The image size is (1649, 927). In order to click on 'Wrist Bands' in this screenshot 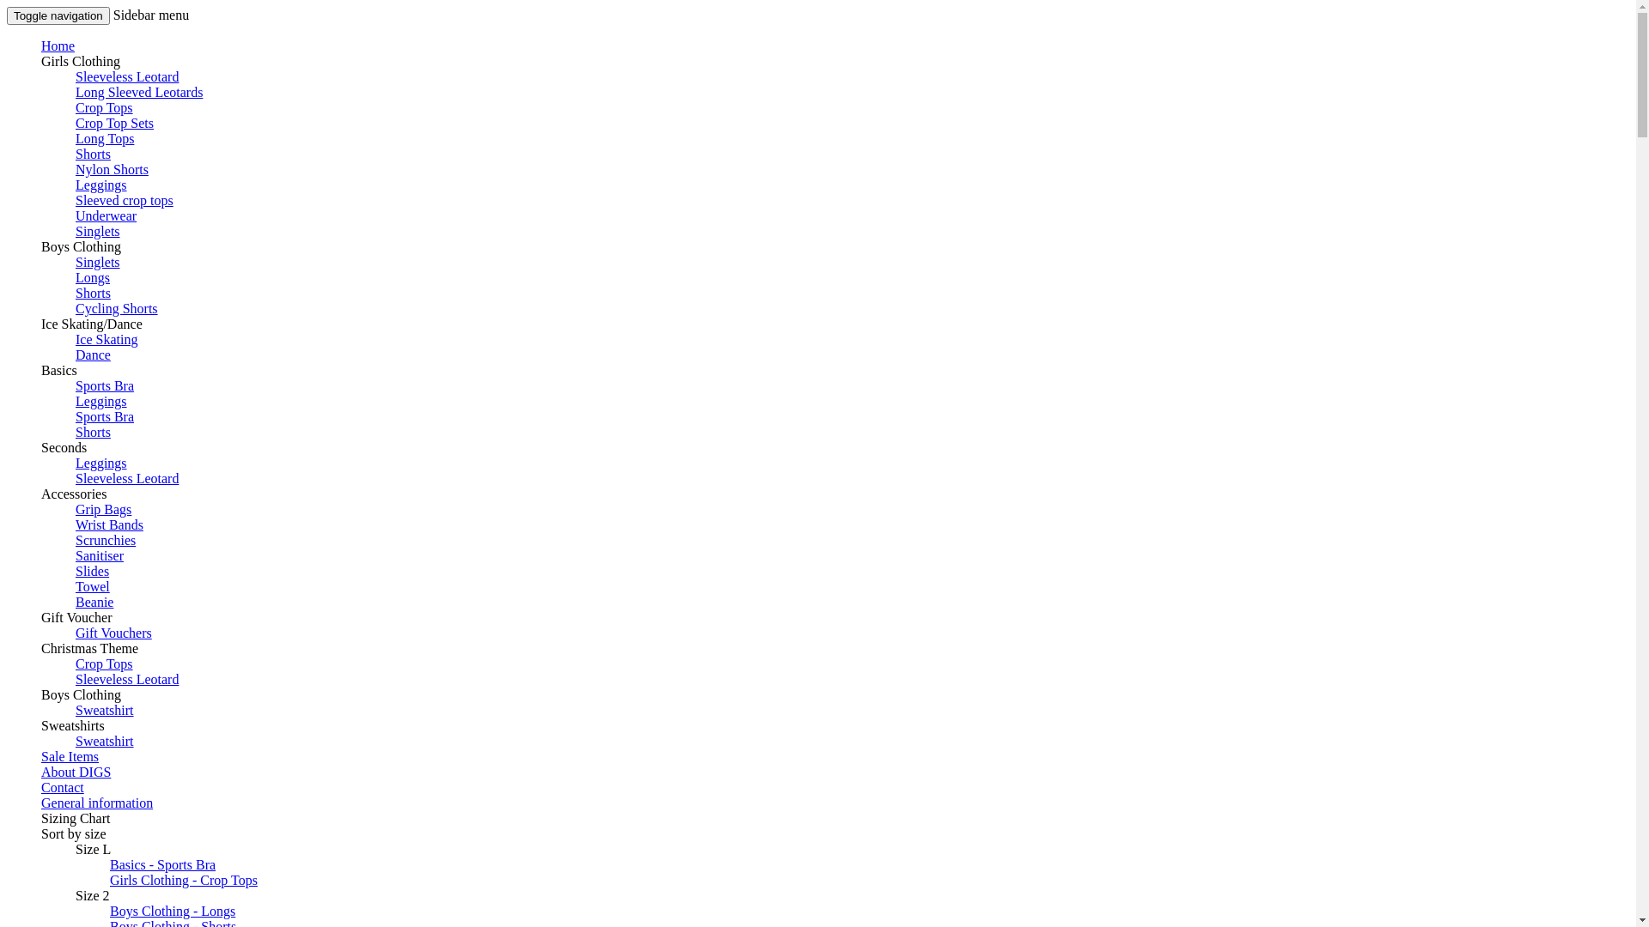, I will do `click(108, 524)`.